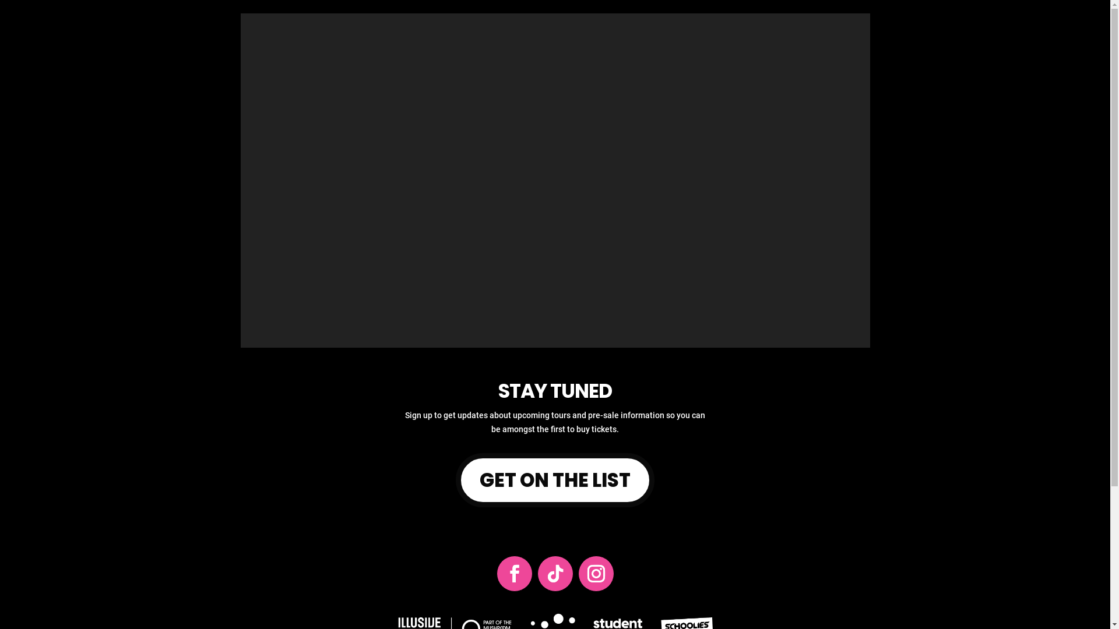 The image size is (1119, 629). Describe the element at coordinates (555, 480) in the screenshot. I see `'GET ON THE LIST'` at that location.